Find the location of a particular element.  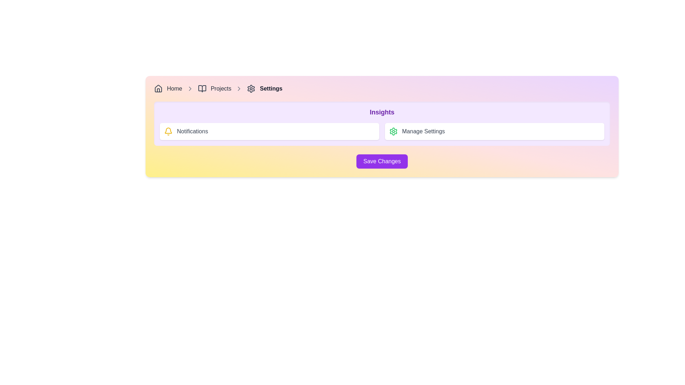

the house icon in the breadcrumb navigation located at the top left of the interface is located at coordinates (158, 88).